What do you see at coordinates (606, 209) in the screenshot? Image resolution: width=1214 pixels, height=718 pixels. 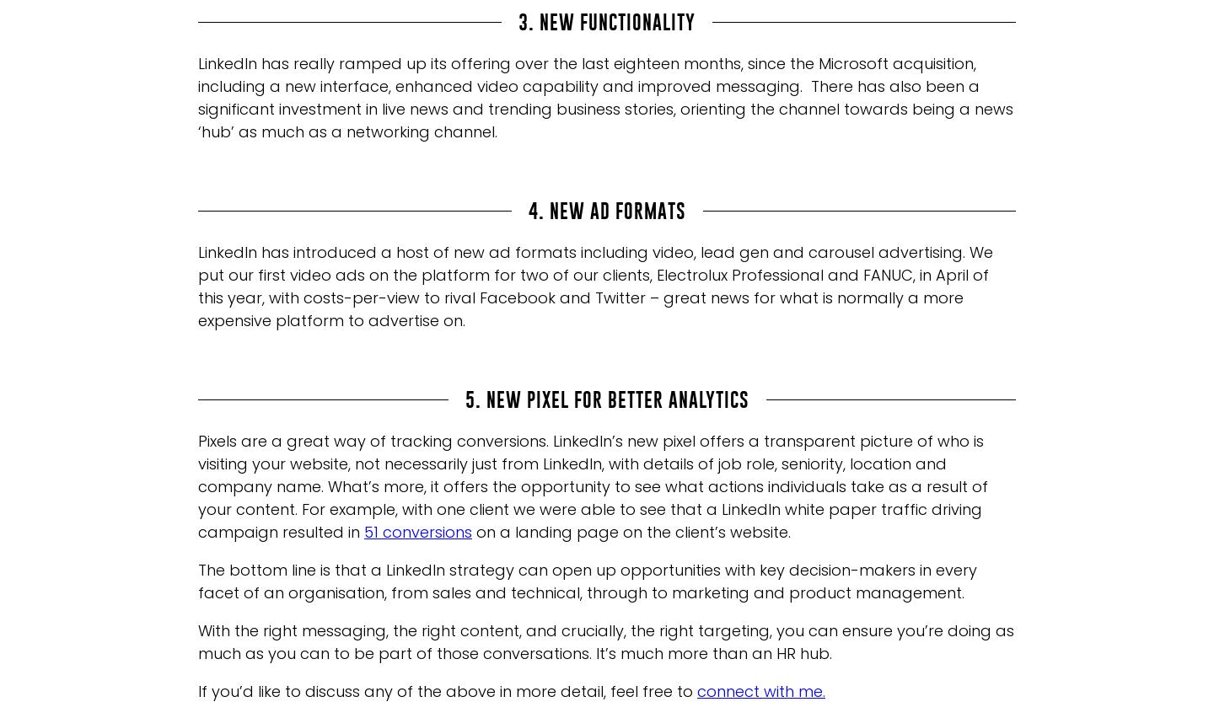 I see `'4. New Ad Formats'` at bounding box center [606, 209].